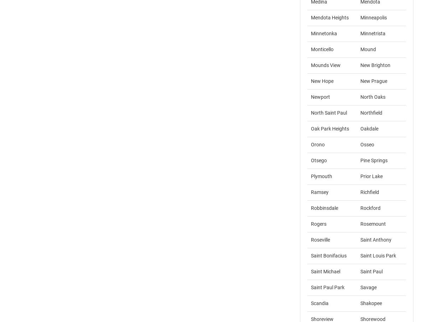 This screenshot has height=322, width=424. Describe the element at coordinates (310, 144) in the screenshot. I see `'Orono'` at that location.